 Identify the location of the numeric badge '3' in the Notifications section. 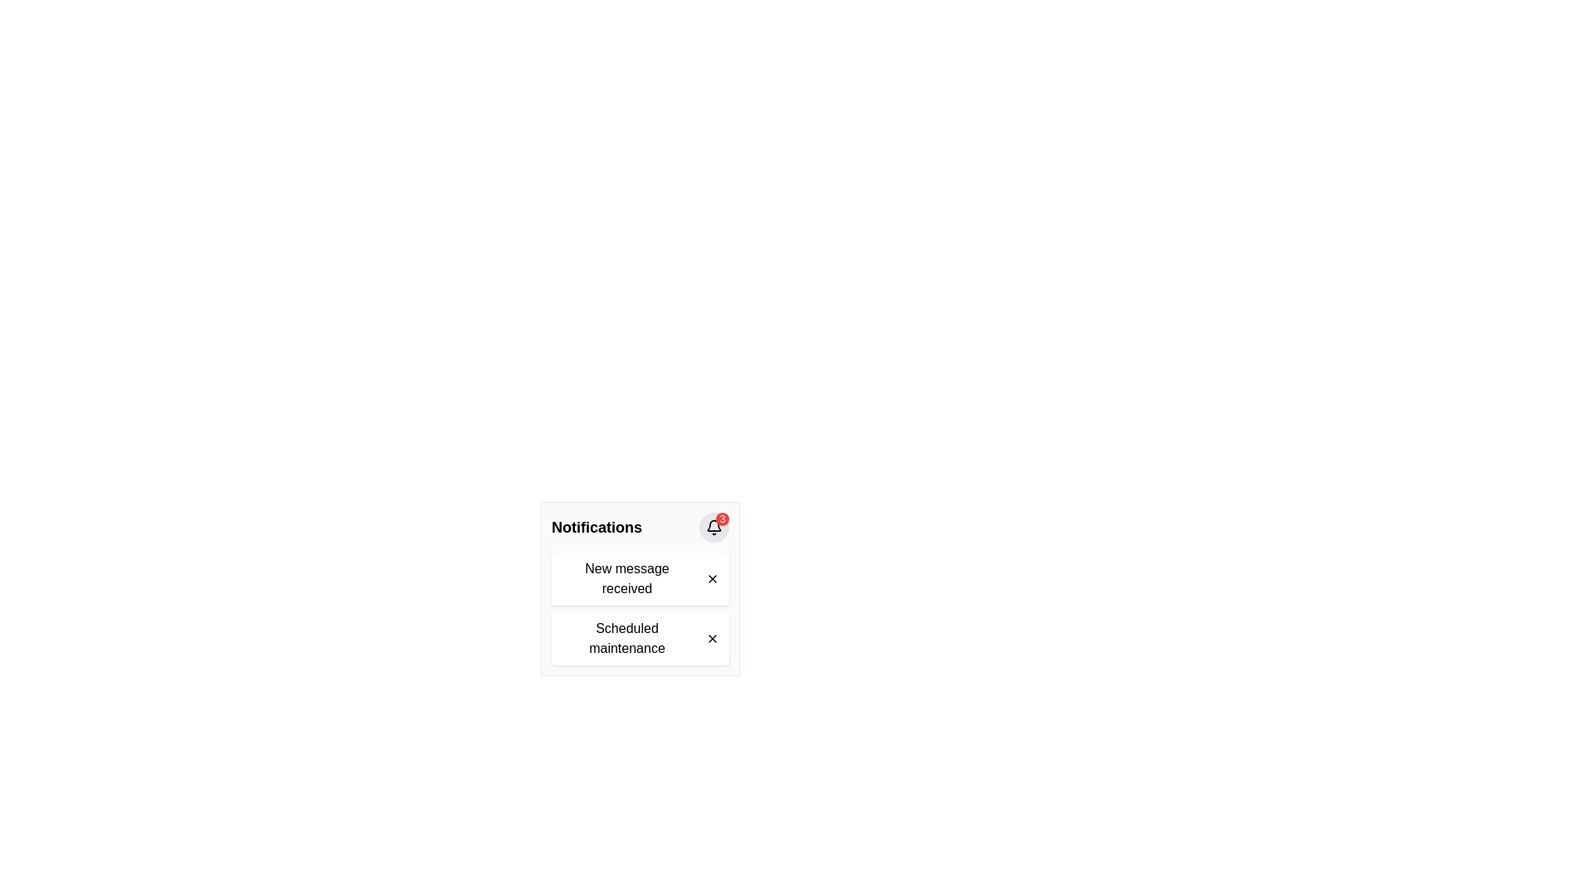
(640, 528).